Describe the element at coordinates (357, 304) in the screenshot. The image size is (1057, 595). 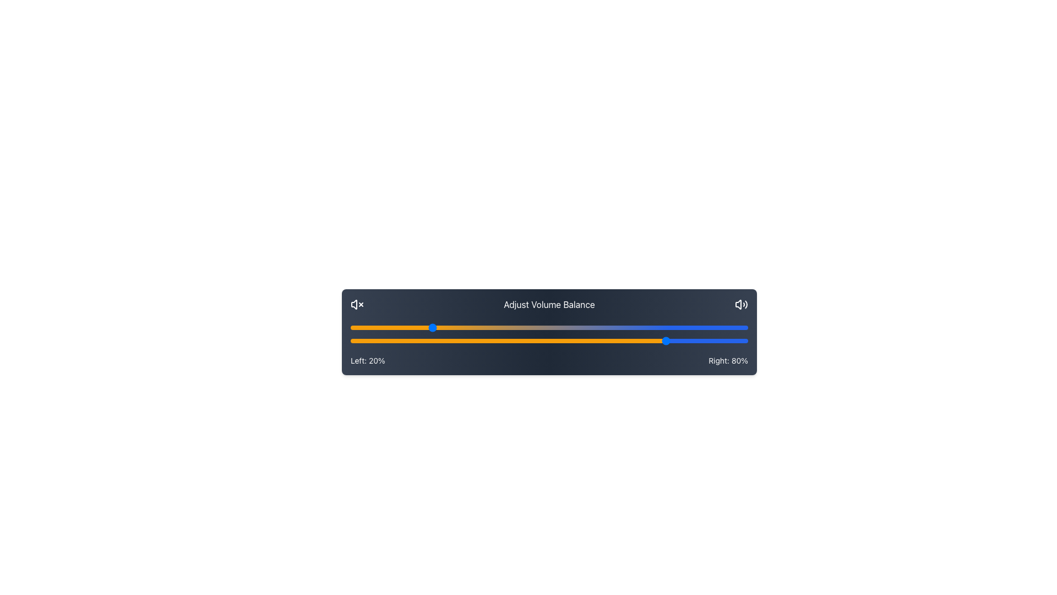
I see `the muted volume icon, which is a white speaker symbol with a cross mark, located on the far left of the 'Adjust Volume Balance' group layout` at that location.